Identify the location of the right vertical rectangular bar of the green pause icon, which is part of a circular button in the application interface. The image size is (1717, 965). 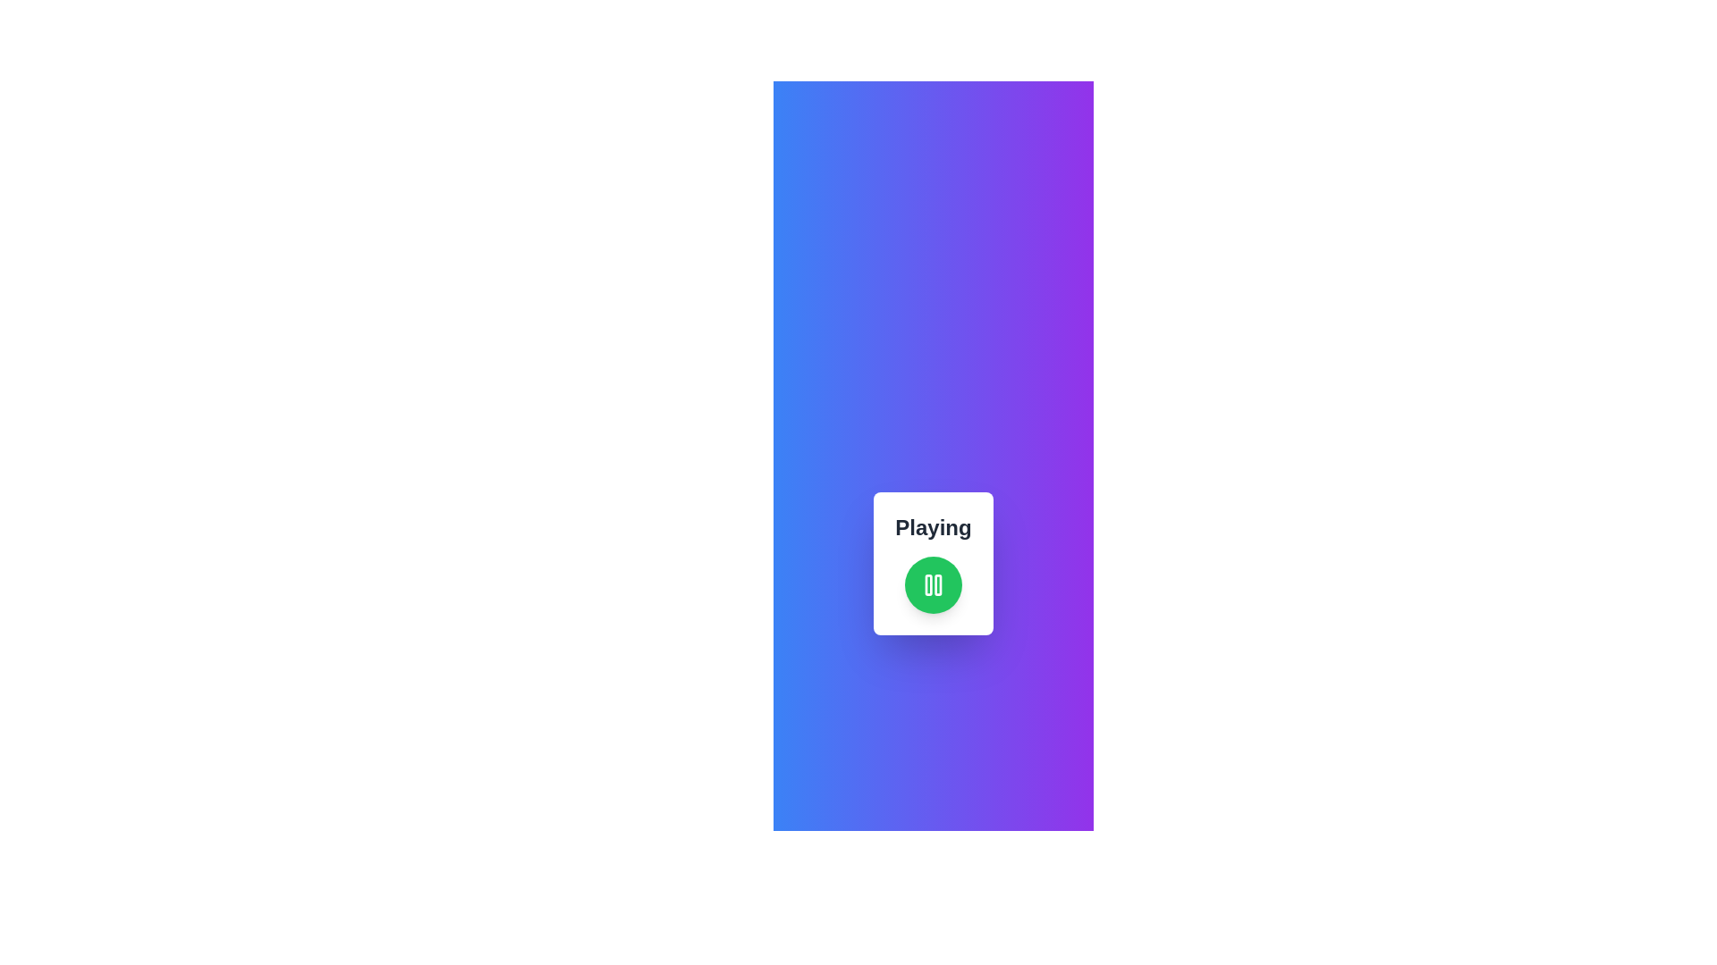
(937, 585).